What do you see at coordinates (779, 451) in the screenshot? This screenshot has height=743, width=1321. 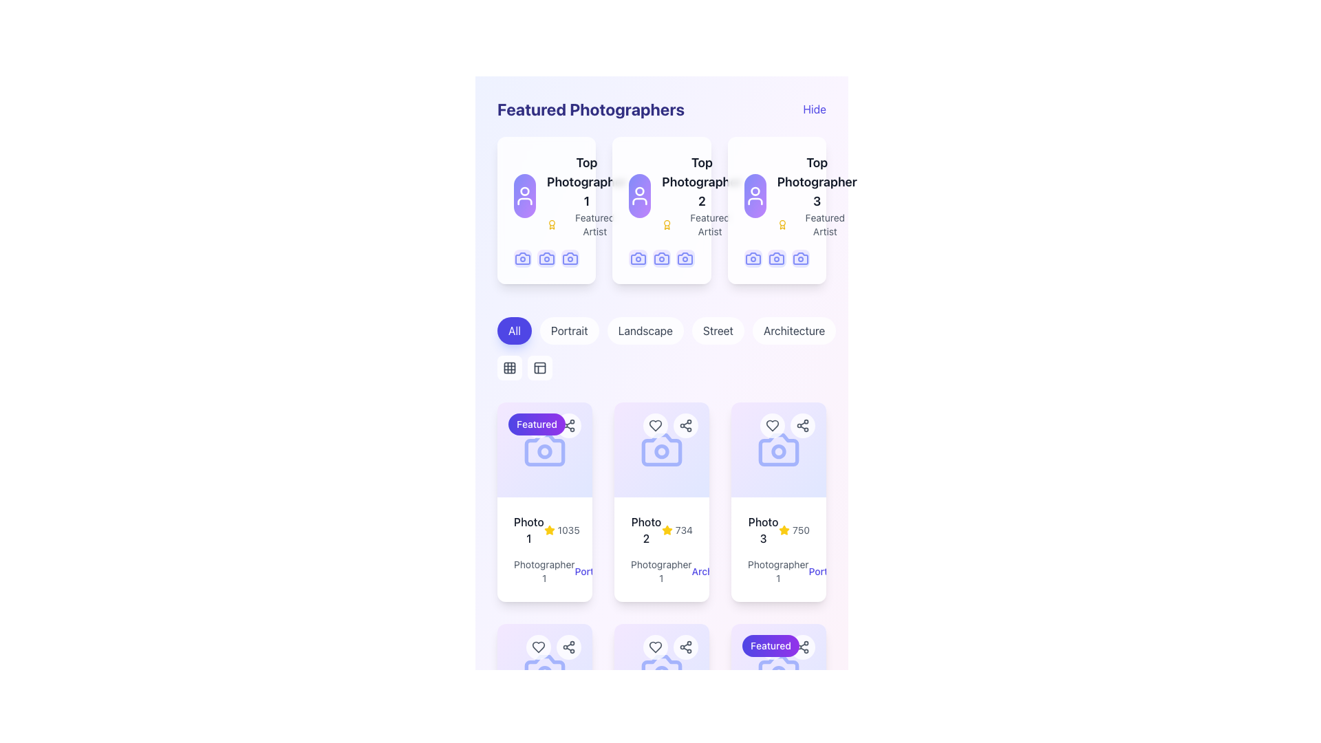 I see `the camera lens represented by a circle in the SVG graphic, located at the center of the camera icon in the last card of the second row of interface cards` at bounding box center [779, 451].